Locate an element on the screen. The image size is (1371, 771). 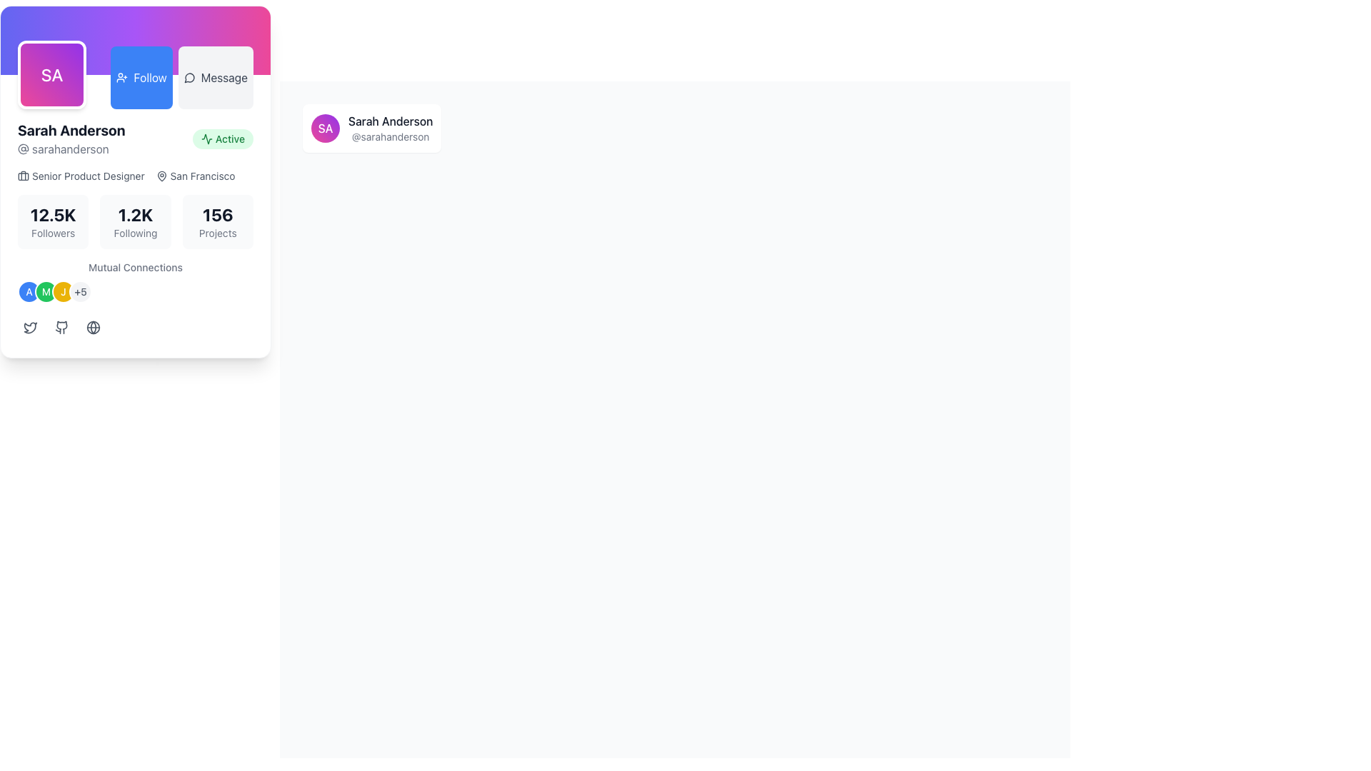
the Avatar or User Icon representing the user identifier 'A' in the 'Mutual Connections' section, positioned as the first item in the group of elements labeled 'AMJ+5' is located at coordinates (29, 291).